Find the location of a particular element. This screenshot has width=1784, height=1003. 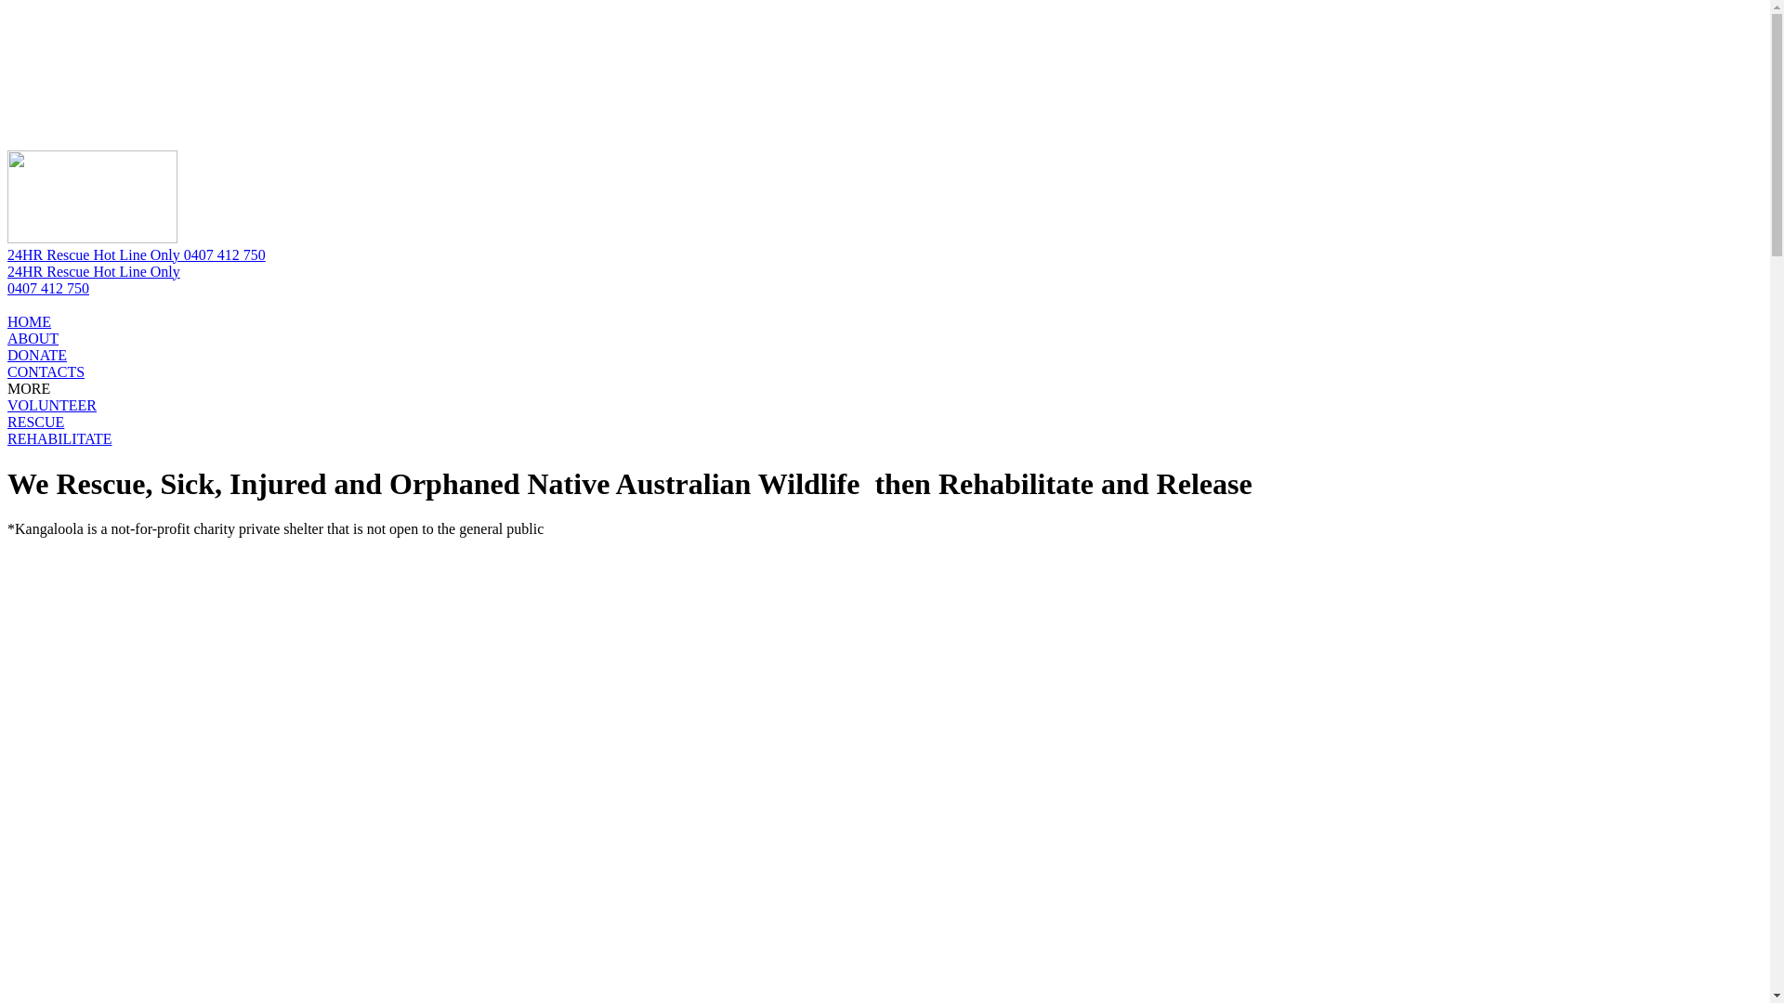

'REHABILITATE' is located at coordinates (7, 438).